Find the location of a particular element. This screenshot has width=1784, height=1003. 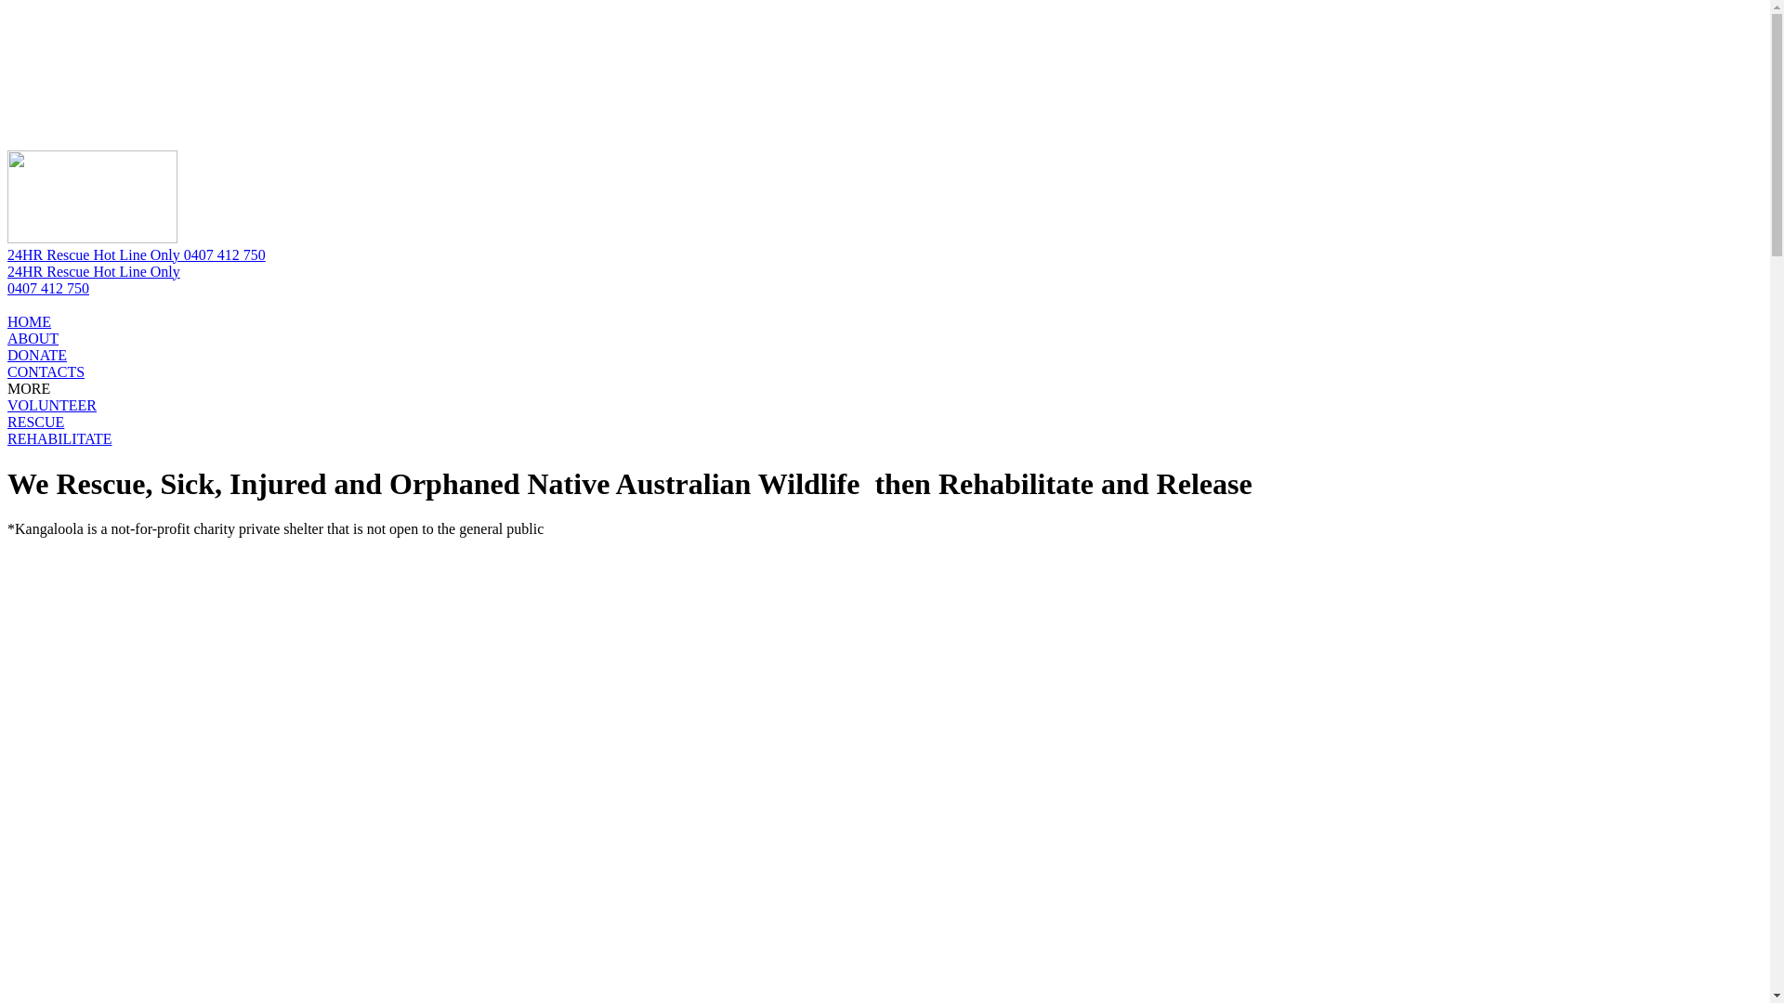

'REHABILITATE' is located at coordinates (7, 438).